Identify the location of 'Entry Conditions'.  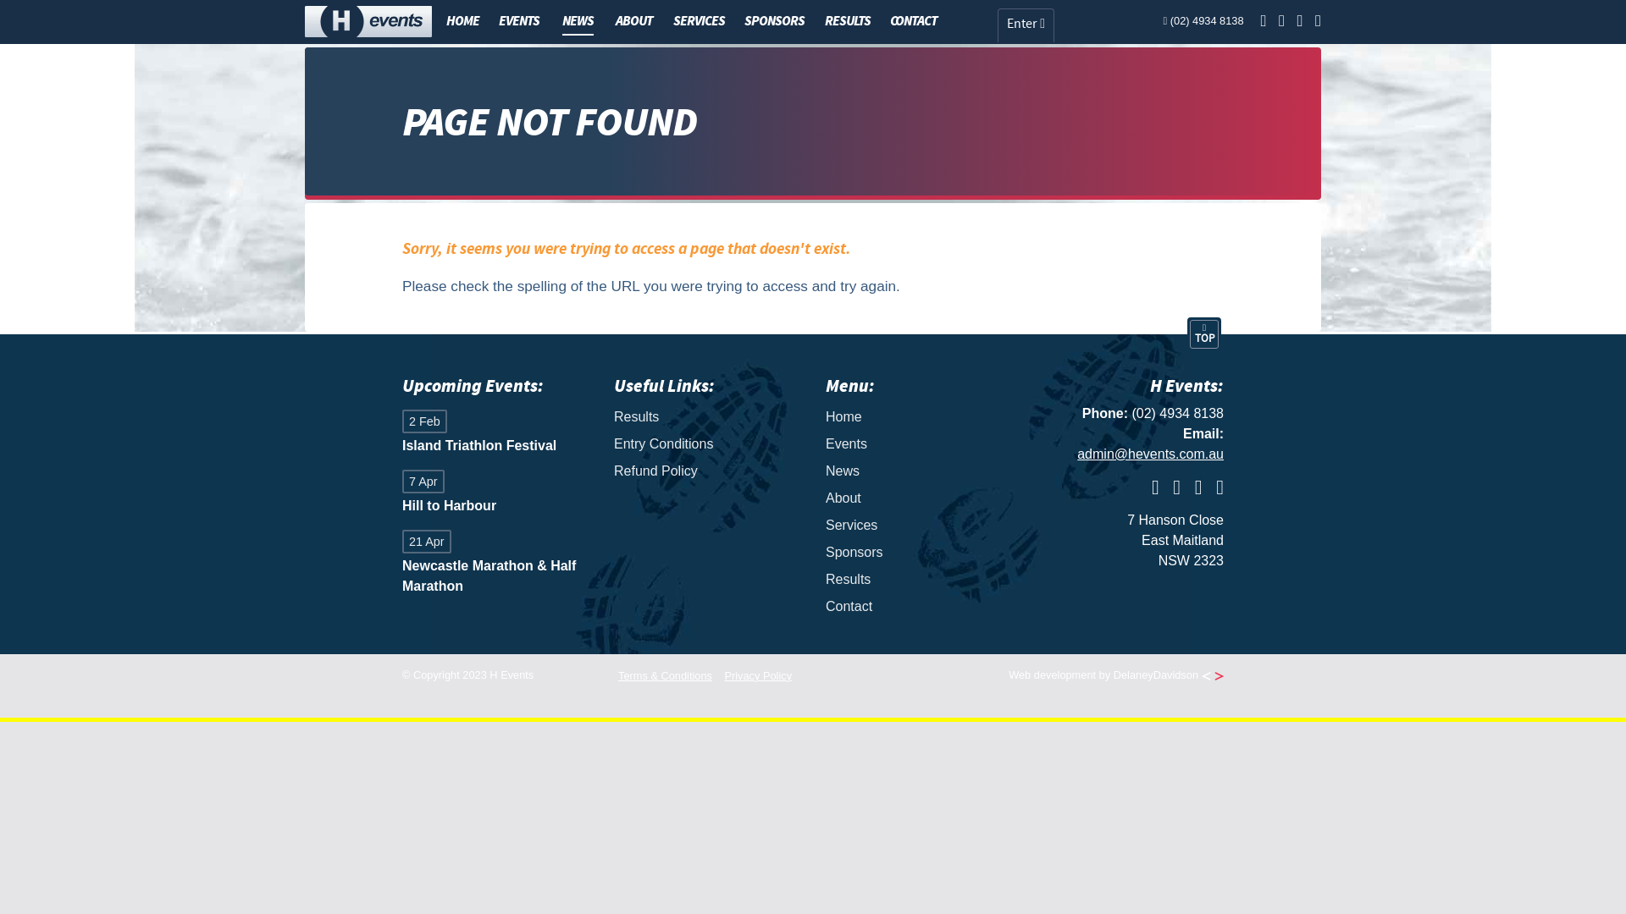
(707, 443).